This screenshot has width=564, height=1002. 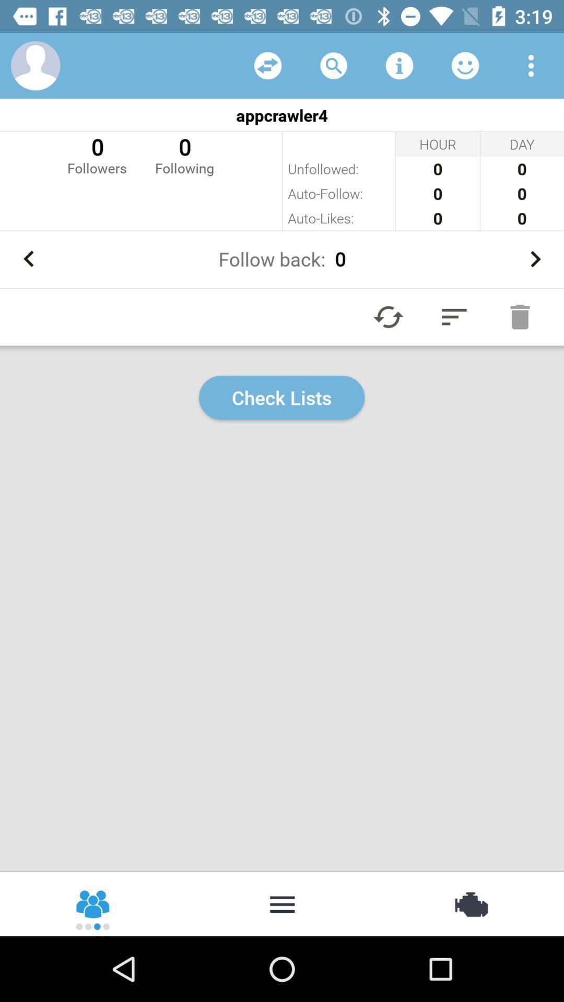 What do you see at coordinates (535, 259) in the screenshot?
I see `advance to next page` at bounding box center [535, 259].